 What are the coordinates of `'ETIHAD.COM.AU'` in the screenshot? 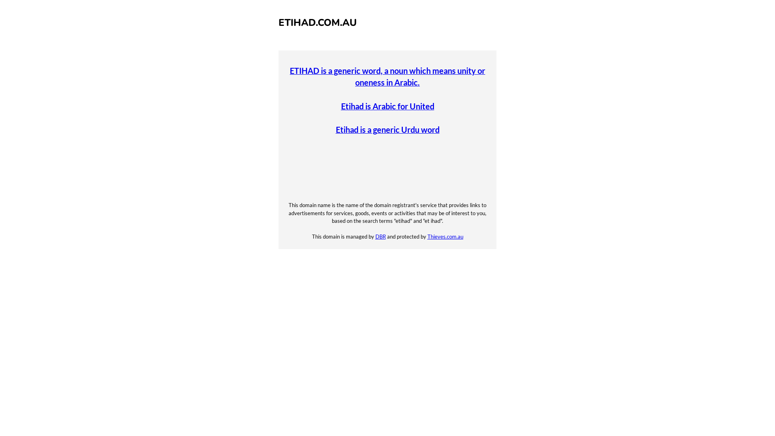 It's located at (317, 22).